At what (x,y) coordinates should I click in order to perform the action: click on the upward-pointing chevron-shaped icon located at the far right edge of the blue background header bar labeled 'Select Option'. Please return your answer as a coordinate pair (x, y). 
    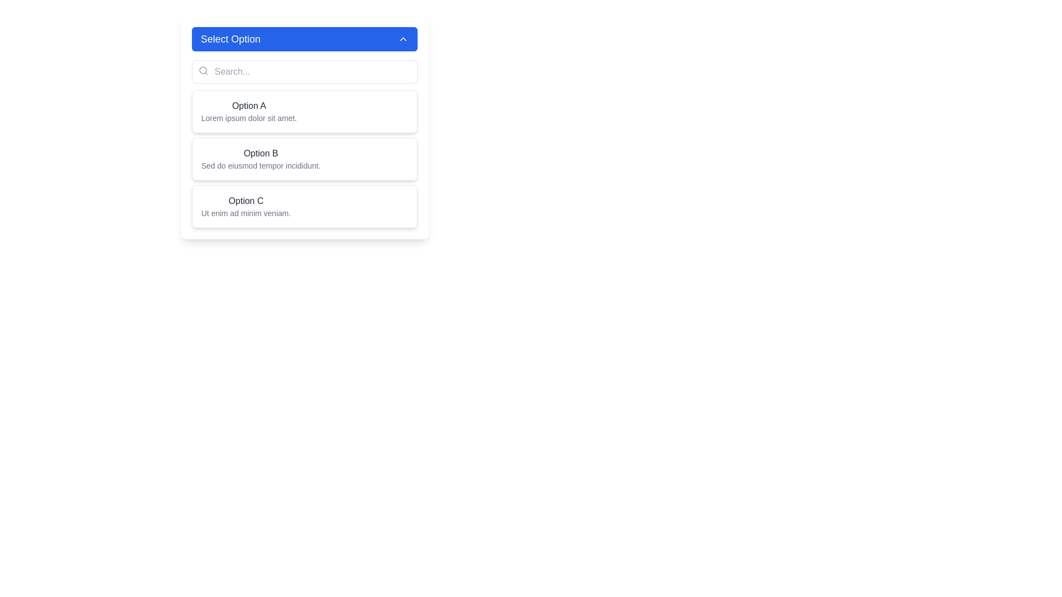
    Looking at the image, I should click on (403, 38).